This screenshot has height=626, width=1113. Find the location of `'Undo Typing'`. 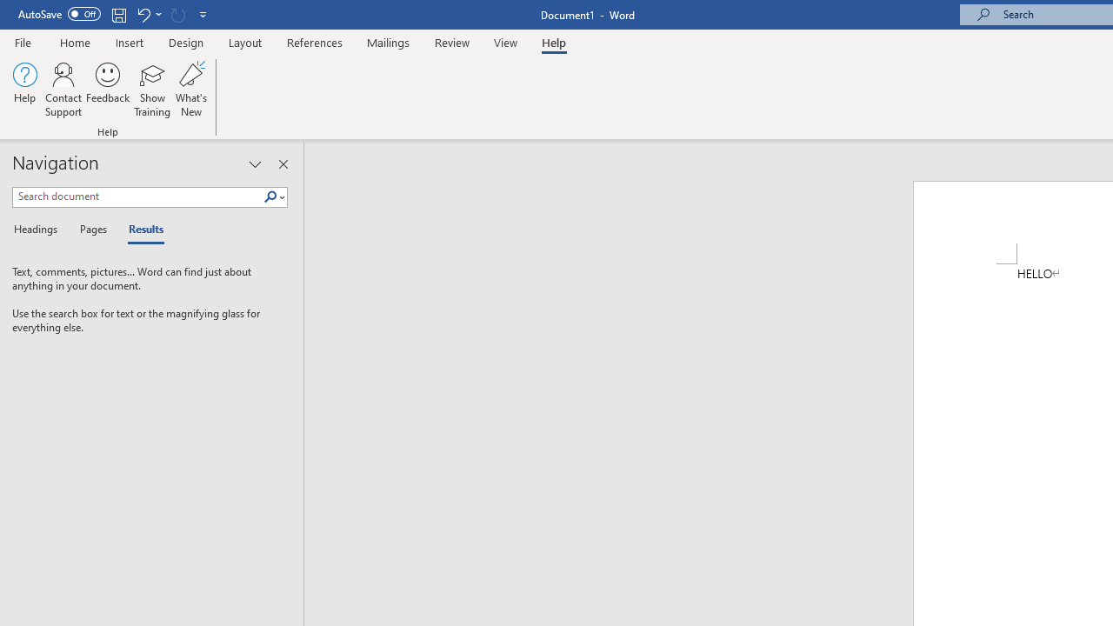

'Undo Typing' is located at coordinates (148, 14).